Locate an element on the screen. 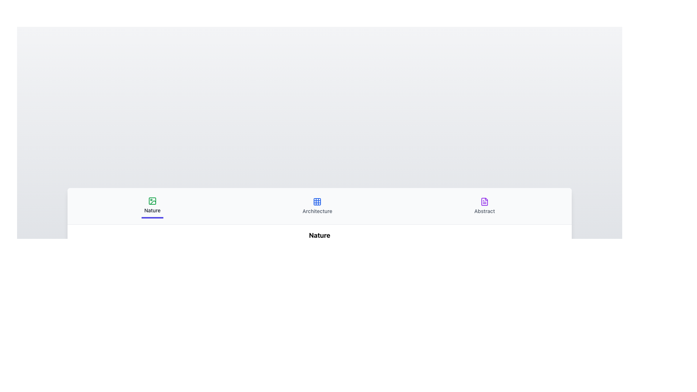 The height and width of the screenshot is (392, 697). the button labeled 'Abstract' with a purple document icon, which is the rightmost button in a horizontal layout is located at coordinates (484, 206).